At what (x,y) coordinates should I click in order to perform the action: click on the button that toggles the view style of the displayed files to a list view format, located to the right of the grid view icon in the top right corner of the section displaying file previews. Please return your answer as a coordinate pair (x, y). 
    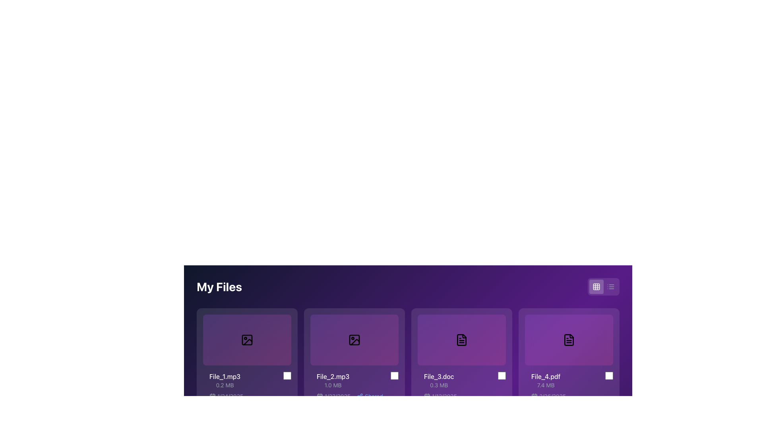
    Looking at the image, I should click on (610, 286).